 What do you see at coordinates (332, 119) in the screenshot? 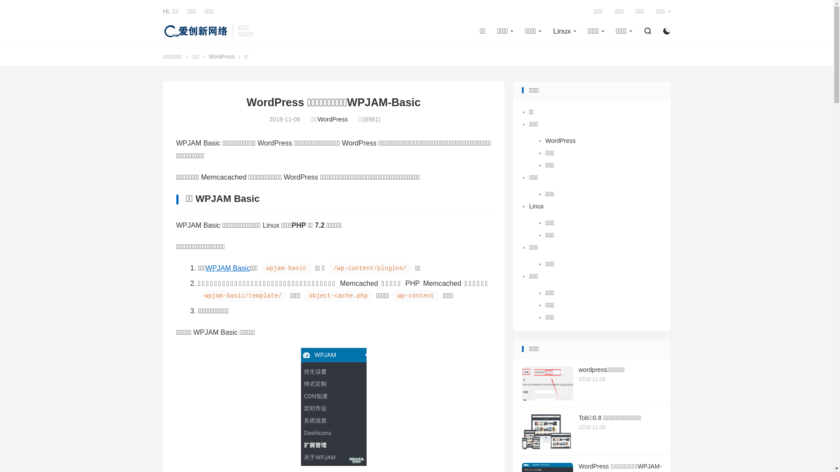
I see `'WordPress'` at bounding box center [332, 119].